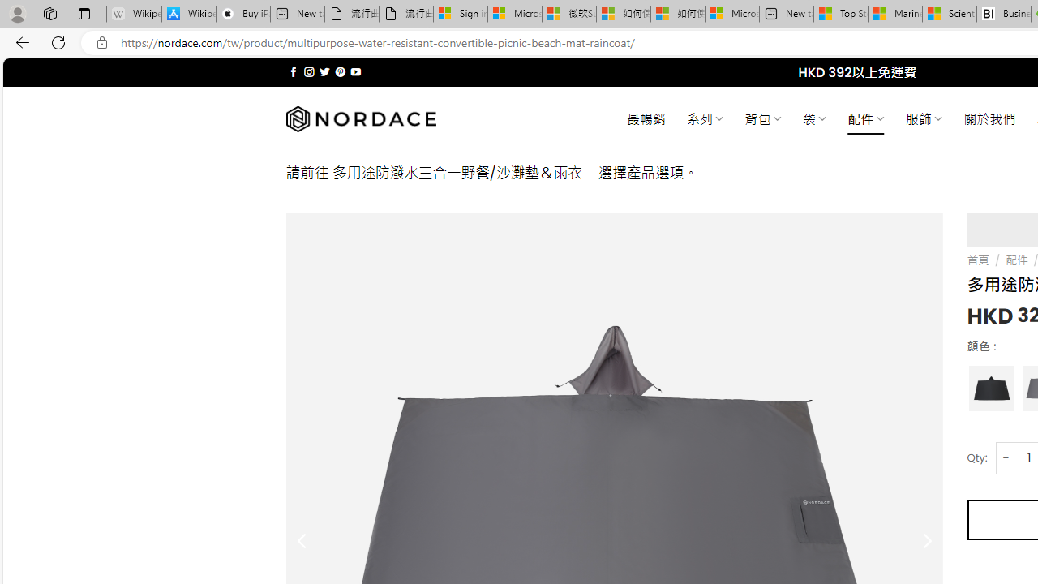 This screenshot has height=584, width=1038. I want to click on 'Follow on Instagram', so click(309, 71).